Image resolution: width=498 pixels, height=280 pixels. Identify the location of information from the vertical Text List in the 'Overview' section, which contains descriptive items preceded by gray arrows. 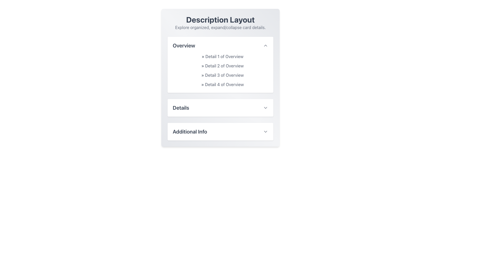
(220, 68).